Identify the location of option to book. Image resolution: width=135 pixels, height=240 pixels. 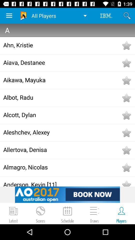
(67, 194).